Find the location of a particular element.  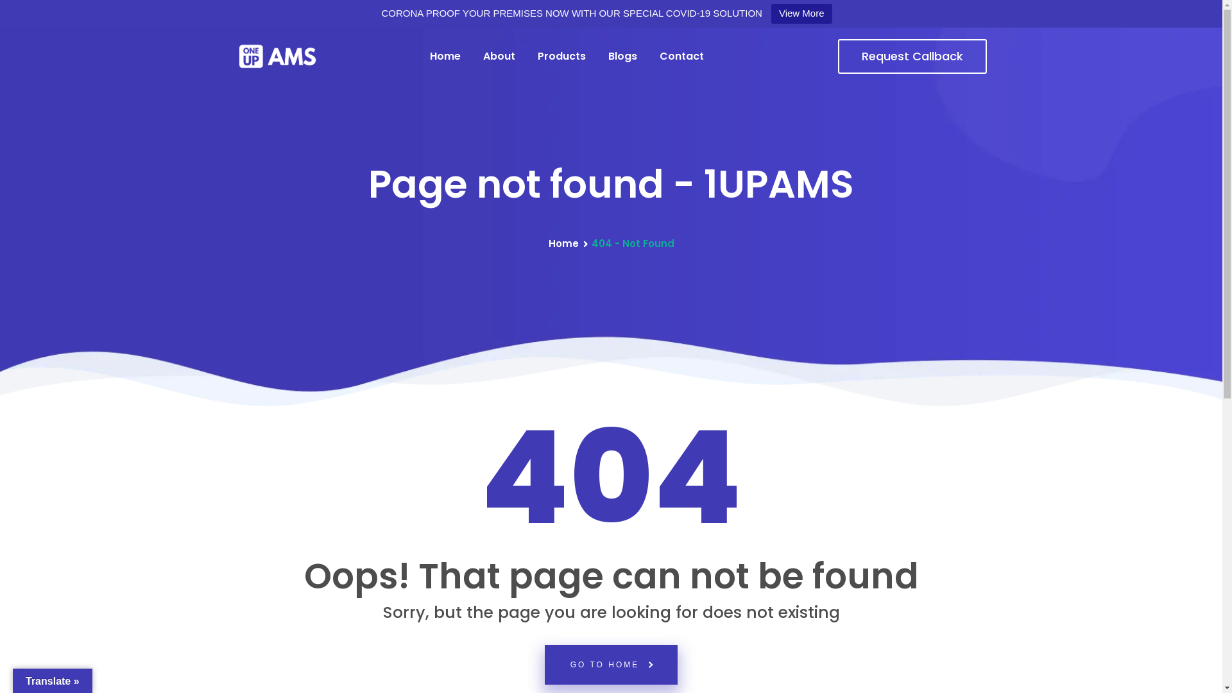

'Contact' is located at coordinates (681, 56).